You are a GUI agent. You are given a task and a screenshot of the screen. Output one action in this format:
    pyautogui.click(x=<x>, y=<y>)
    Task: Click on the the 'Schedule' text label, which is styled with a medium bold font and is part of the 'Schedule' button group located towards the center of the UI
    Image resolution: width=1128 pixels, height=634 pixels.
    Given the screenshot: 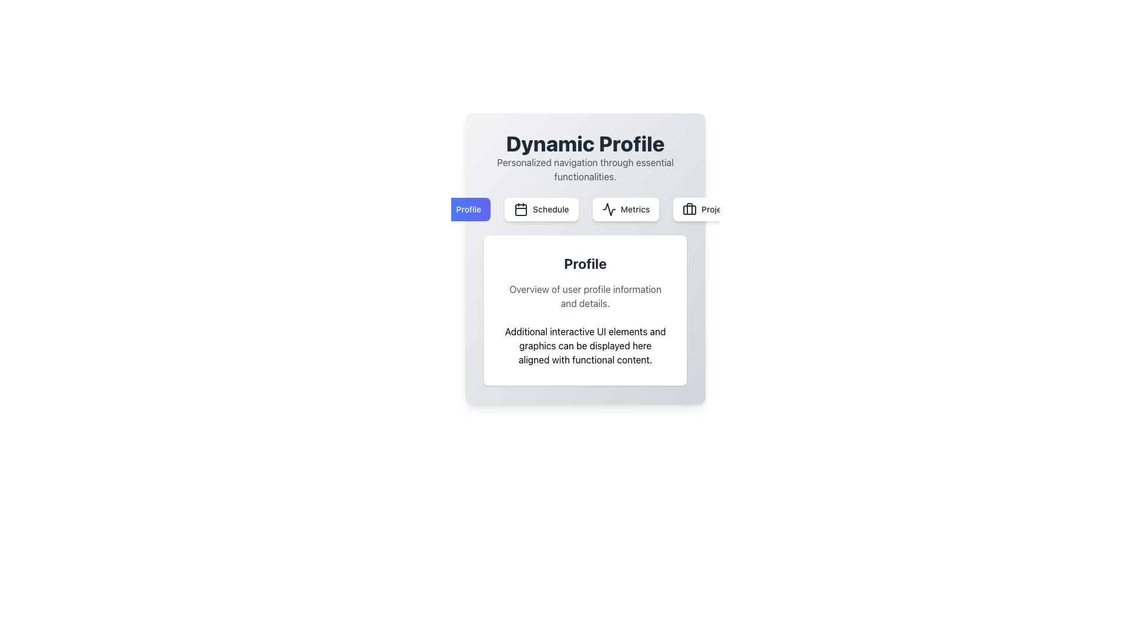 What is the action you would take?
    pyautogui.click(x=550, y=209)
    